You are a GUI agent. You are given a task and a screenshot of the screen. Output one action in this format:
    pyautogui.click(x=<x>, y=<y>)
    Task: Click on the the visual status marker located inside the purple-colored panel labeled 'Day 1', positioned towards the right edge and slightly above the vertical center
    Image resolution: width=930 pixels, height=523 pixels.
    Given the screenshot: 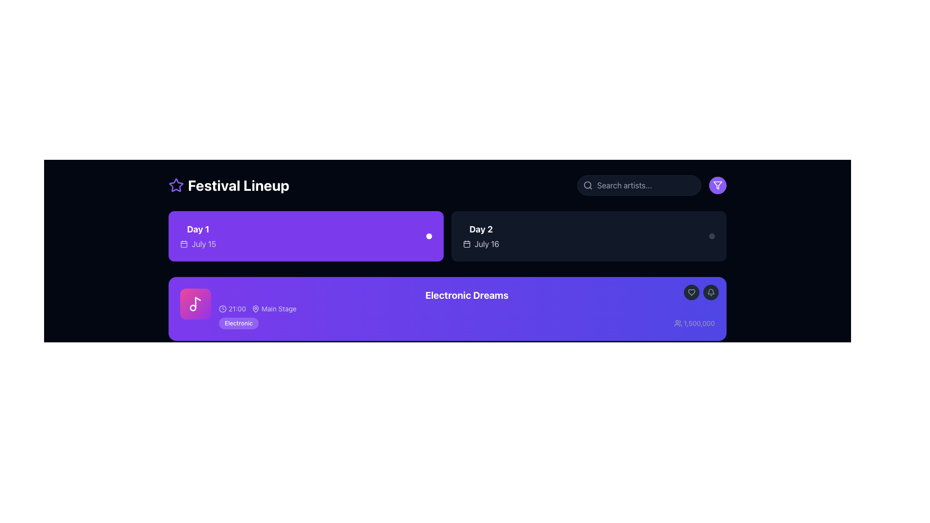 What is the action you would take?
    pyautogui.click(x=429, y=236)
    